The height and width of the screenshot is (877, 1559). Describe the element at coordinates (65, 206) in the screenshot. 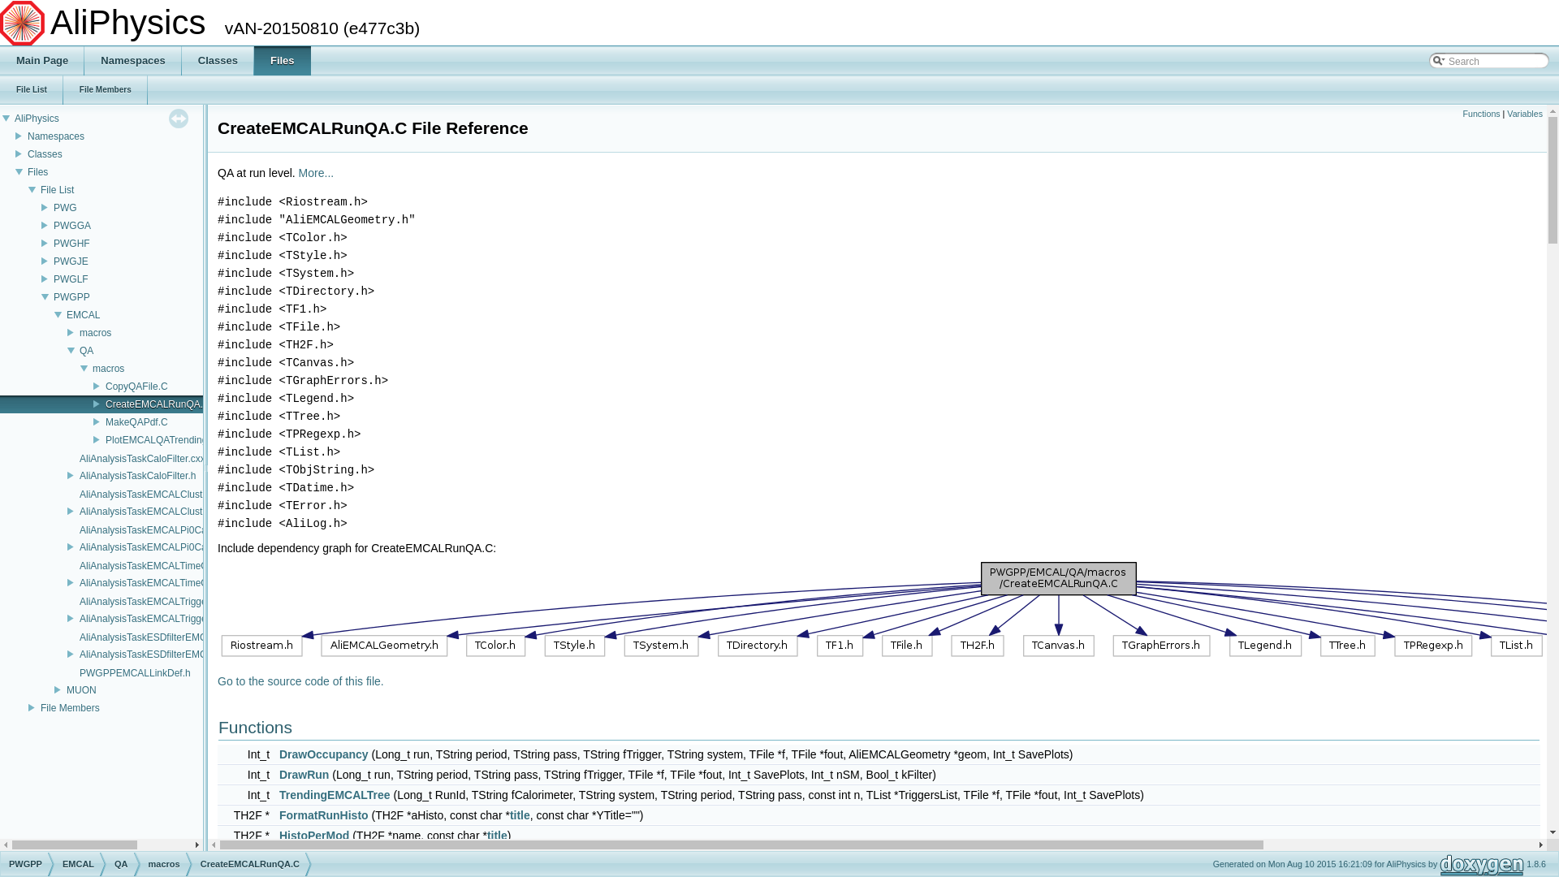

I see `'PWG'` at that location.